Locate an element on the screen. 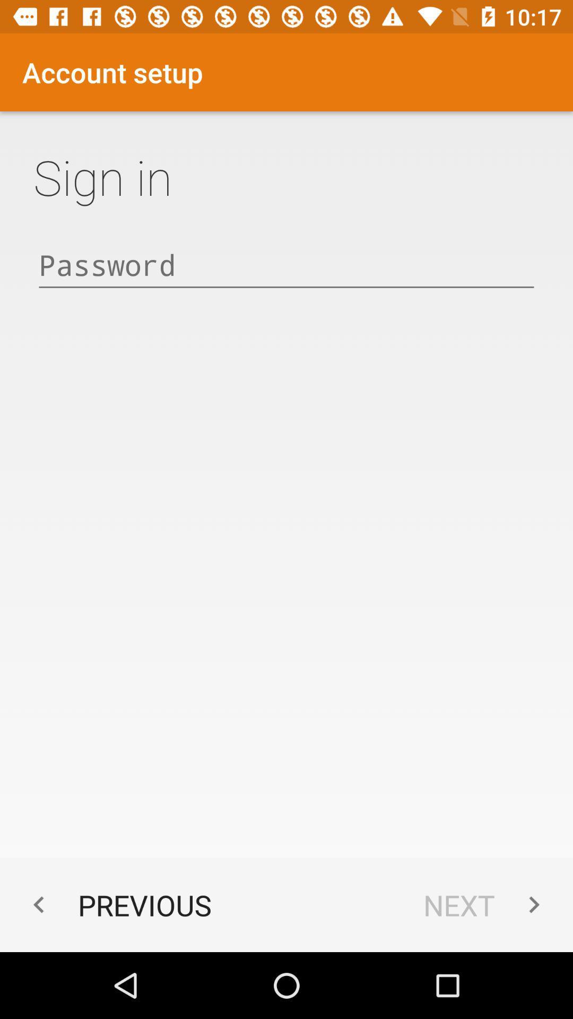 The image size is (573, 1019). previous icon is located at coordinates (117, 904).